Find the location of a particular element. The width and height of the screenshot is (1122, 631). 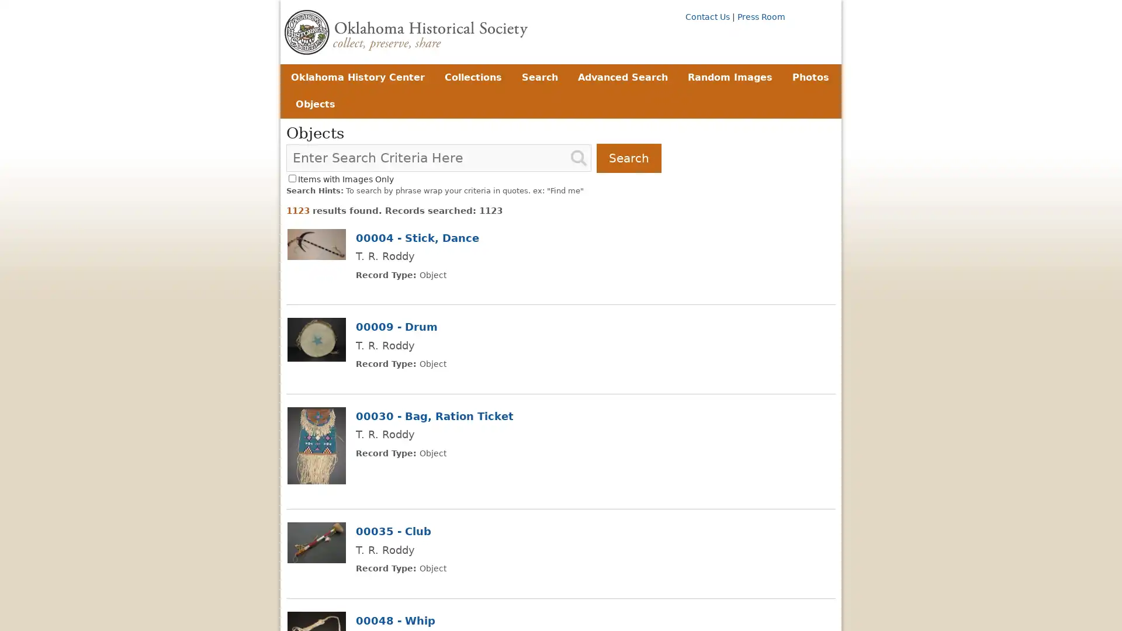

Search is located at coordinates (628, 158).